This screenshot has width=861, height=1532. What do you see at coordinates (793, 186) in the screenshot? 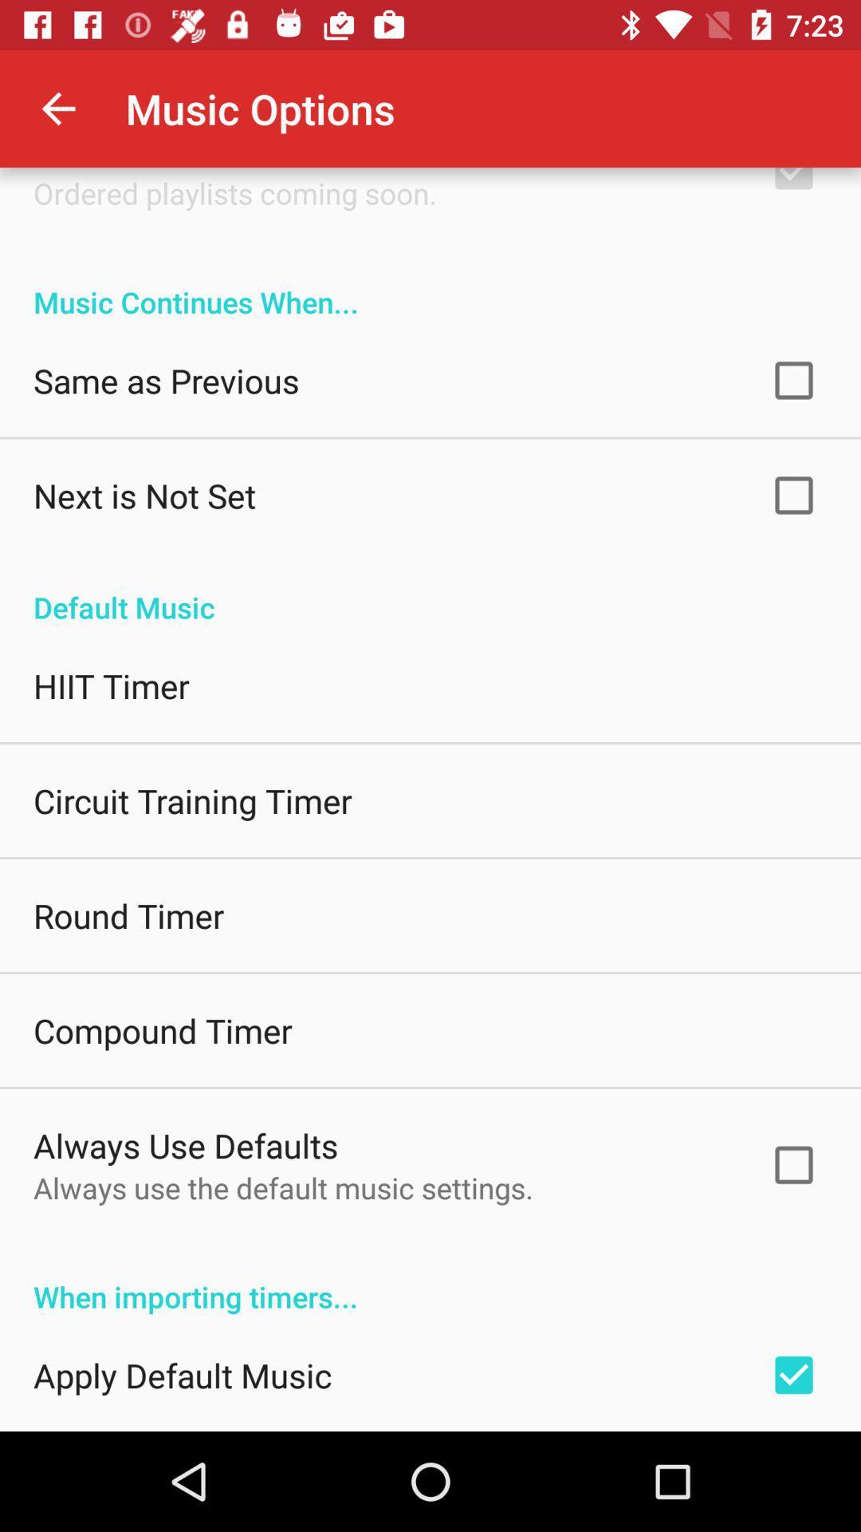
I see `check box below the time on top right of page` at bounding box center [793, 186].